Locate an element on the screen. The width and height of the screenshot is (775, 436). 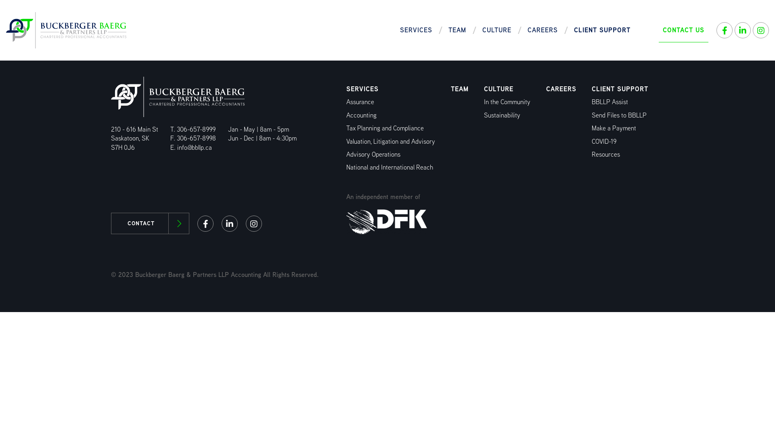
'Send Files to BBLLP' is located at coordinates (619, 115).